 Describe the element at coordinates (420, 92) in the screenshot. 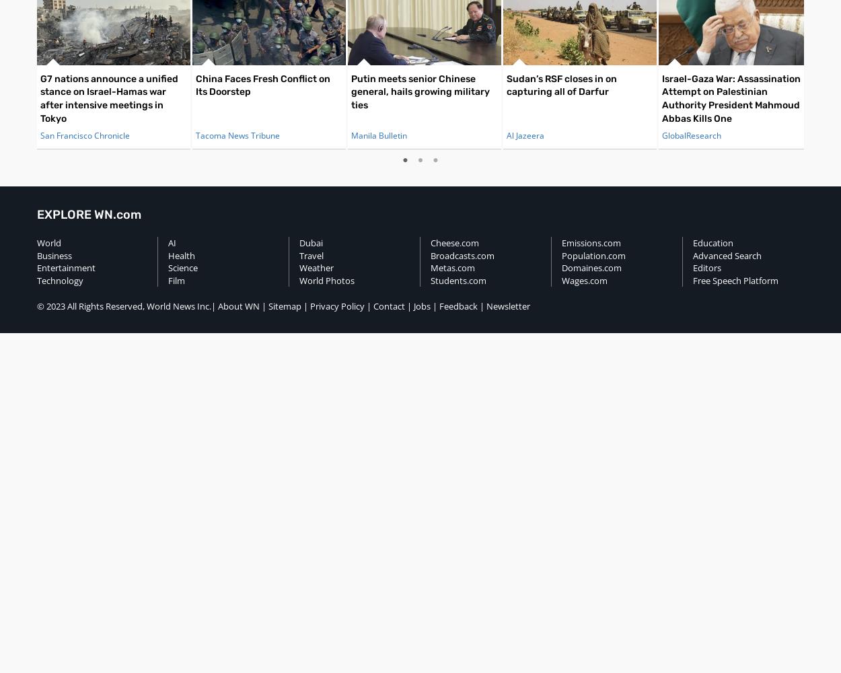

I see `'Putin meets senior Chinese general, hails growing military ties'` at that location.